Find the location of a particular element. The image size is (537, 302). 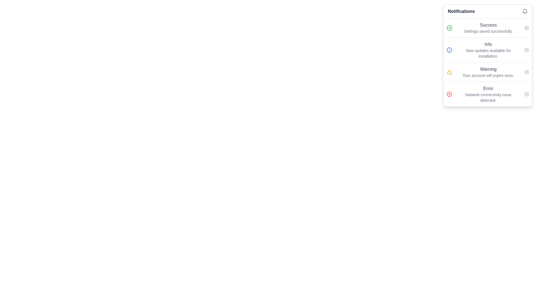

the header text label located in the third row of the notification panel, positioned above the message 'Your account will expire soon.' is located at coordinates (488, 69).